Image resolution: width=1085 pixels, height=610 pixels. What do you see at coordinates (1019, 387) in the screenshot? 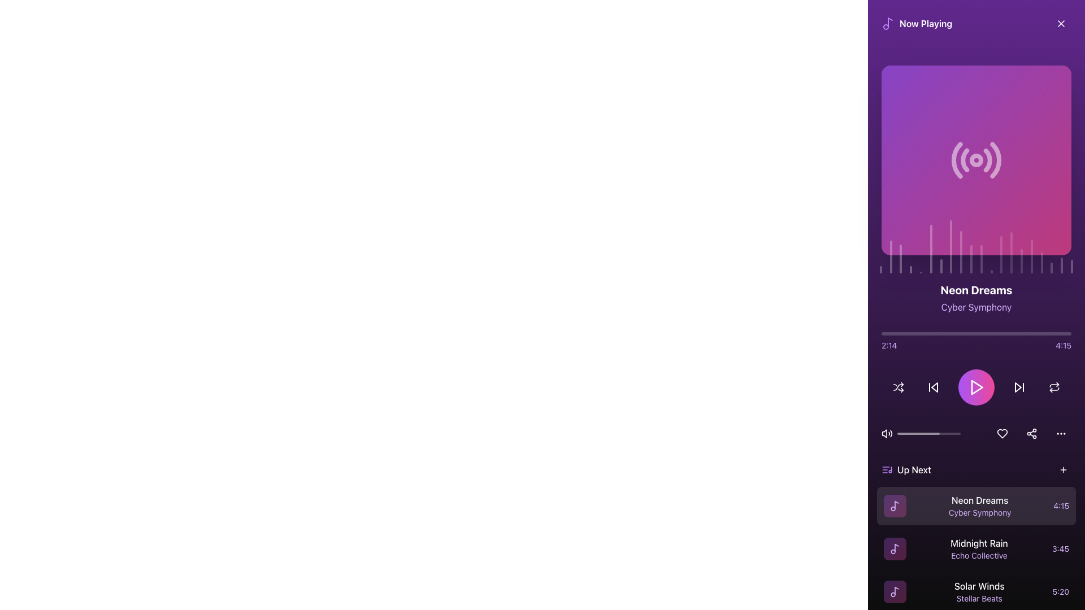
I see `the 'Skip Forward' button, which is a triangular play-like icon with a dark purple background, located in the bottom controls section of the interface` at bounding box center [1019, 387].